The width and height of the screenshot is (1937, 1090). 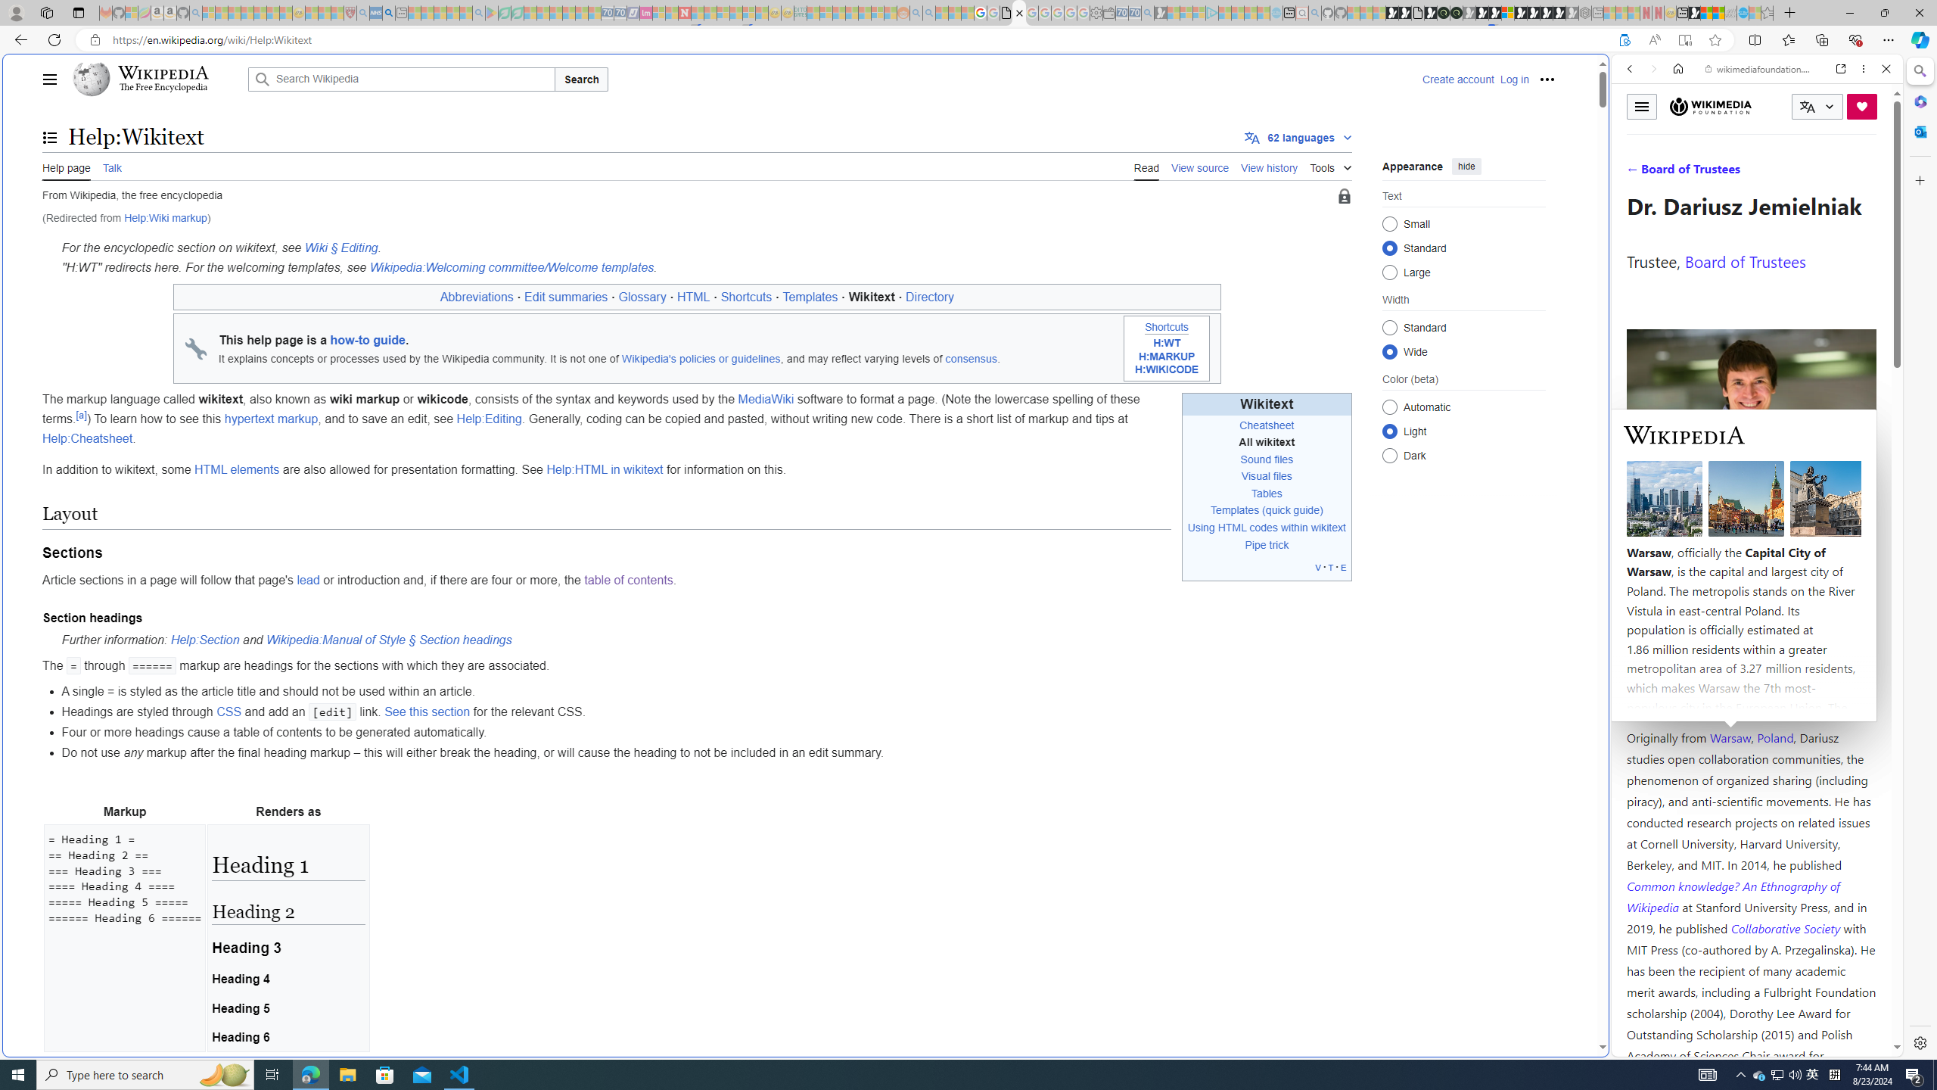 What do you see at coordinates (367, 340) in the screenshot?
I see `'how-to guide'` at bounding box center [367, 340].